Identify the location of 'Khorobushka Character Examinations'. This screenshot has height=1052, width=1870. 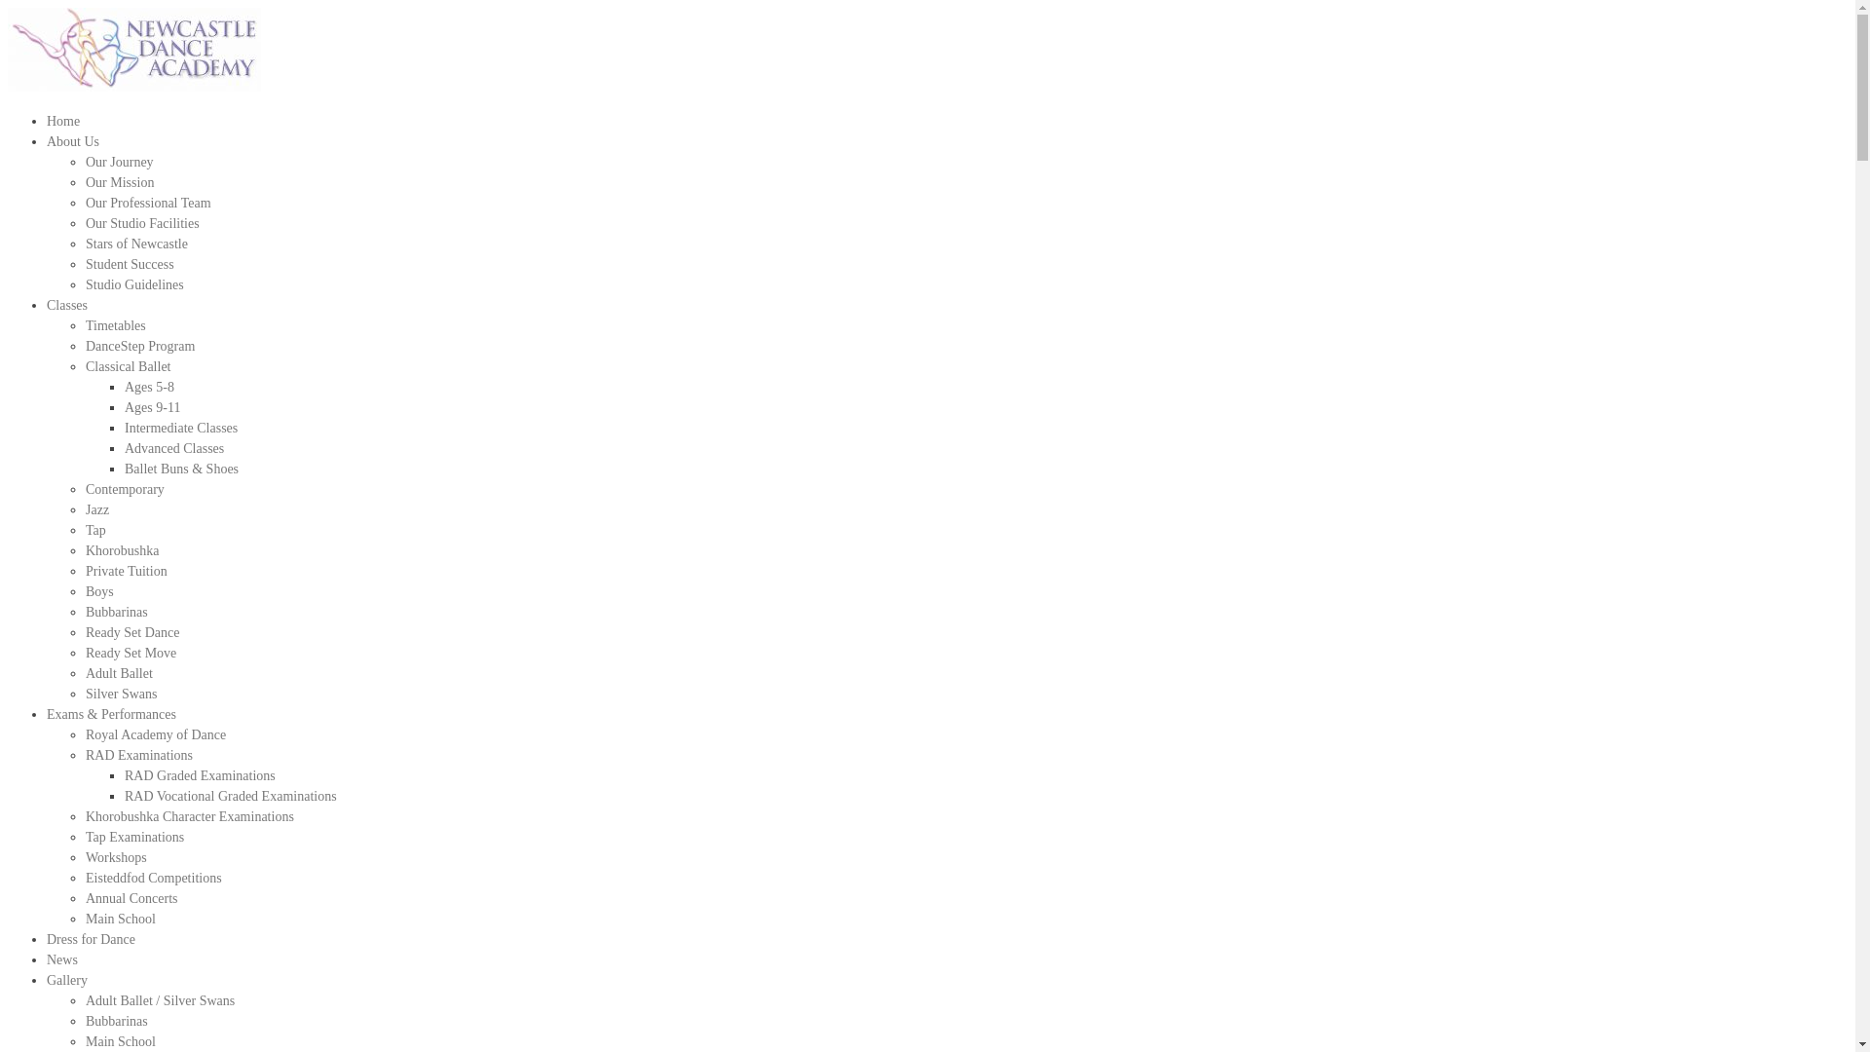
(190, 816).